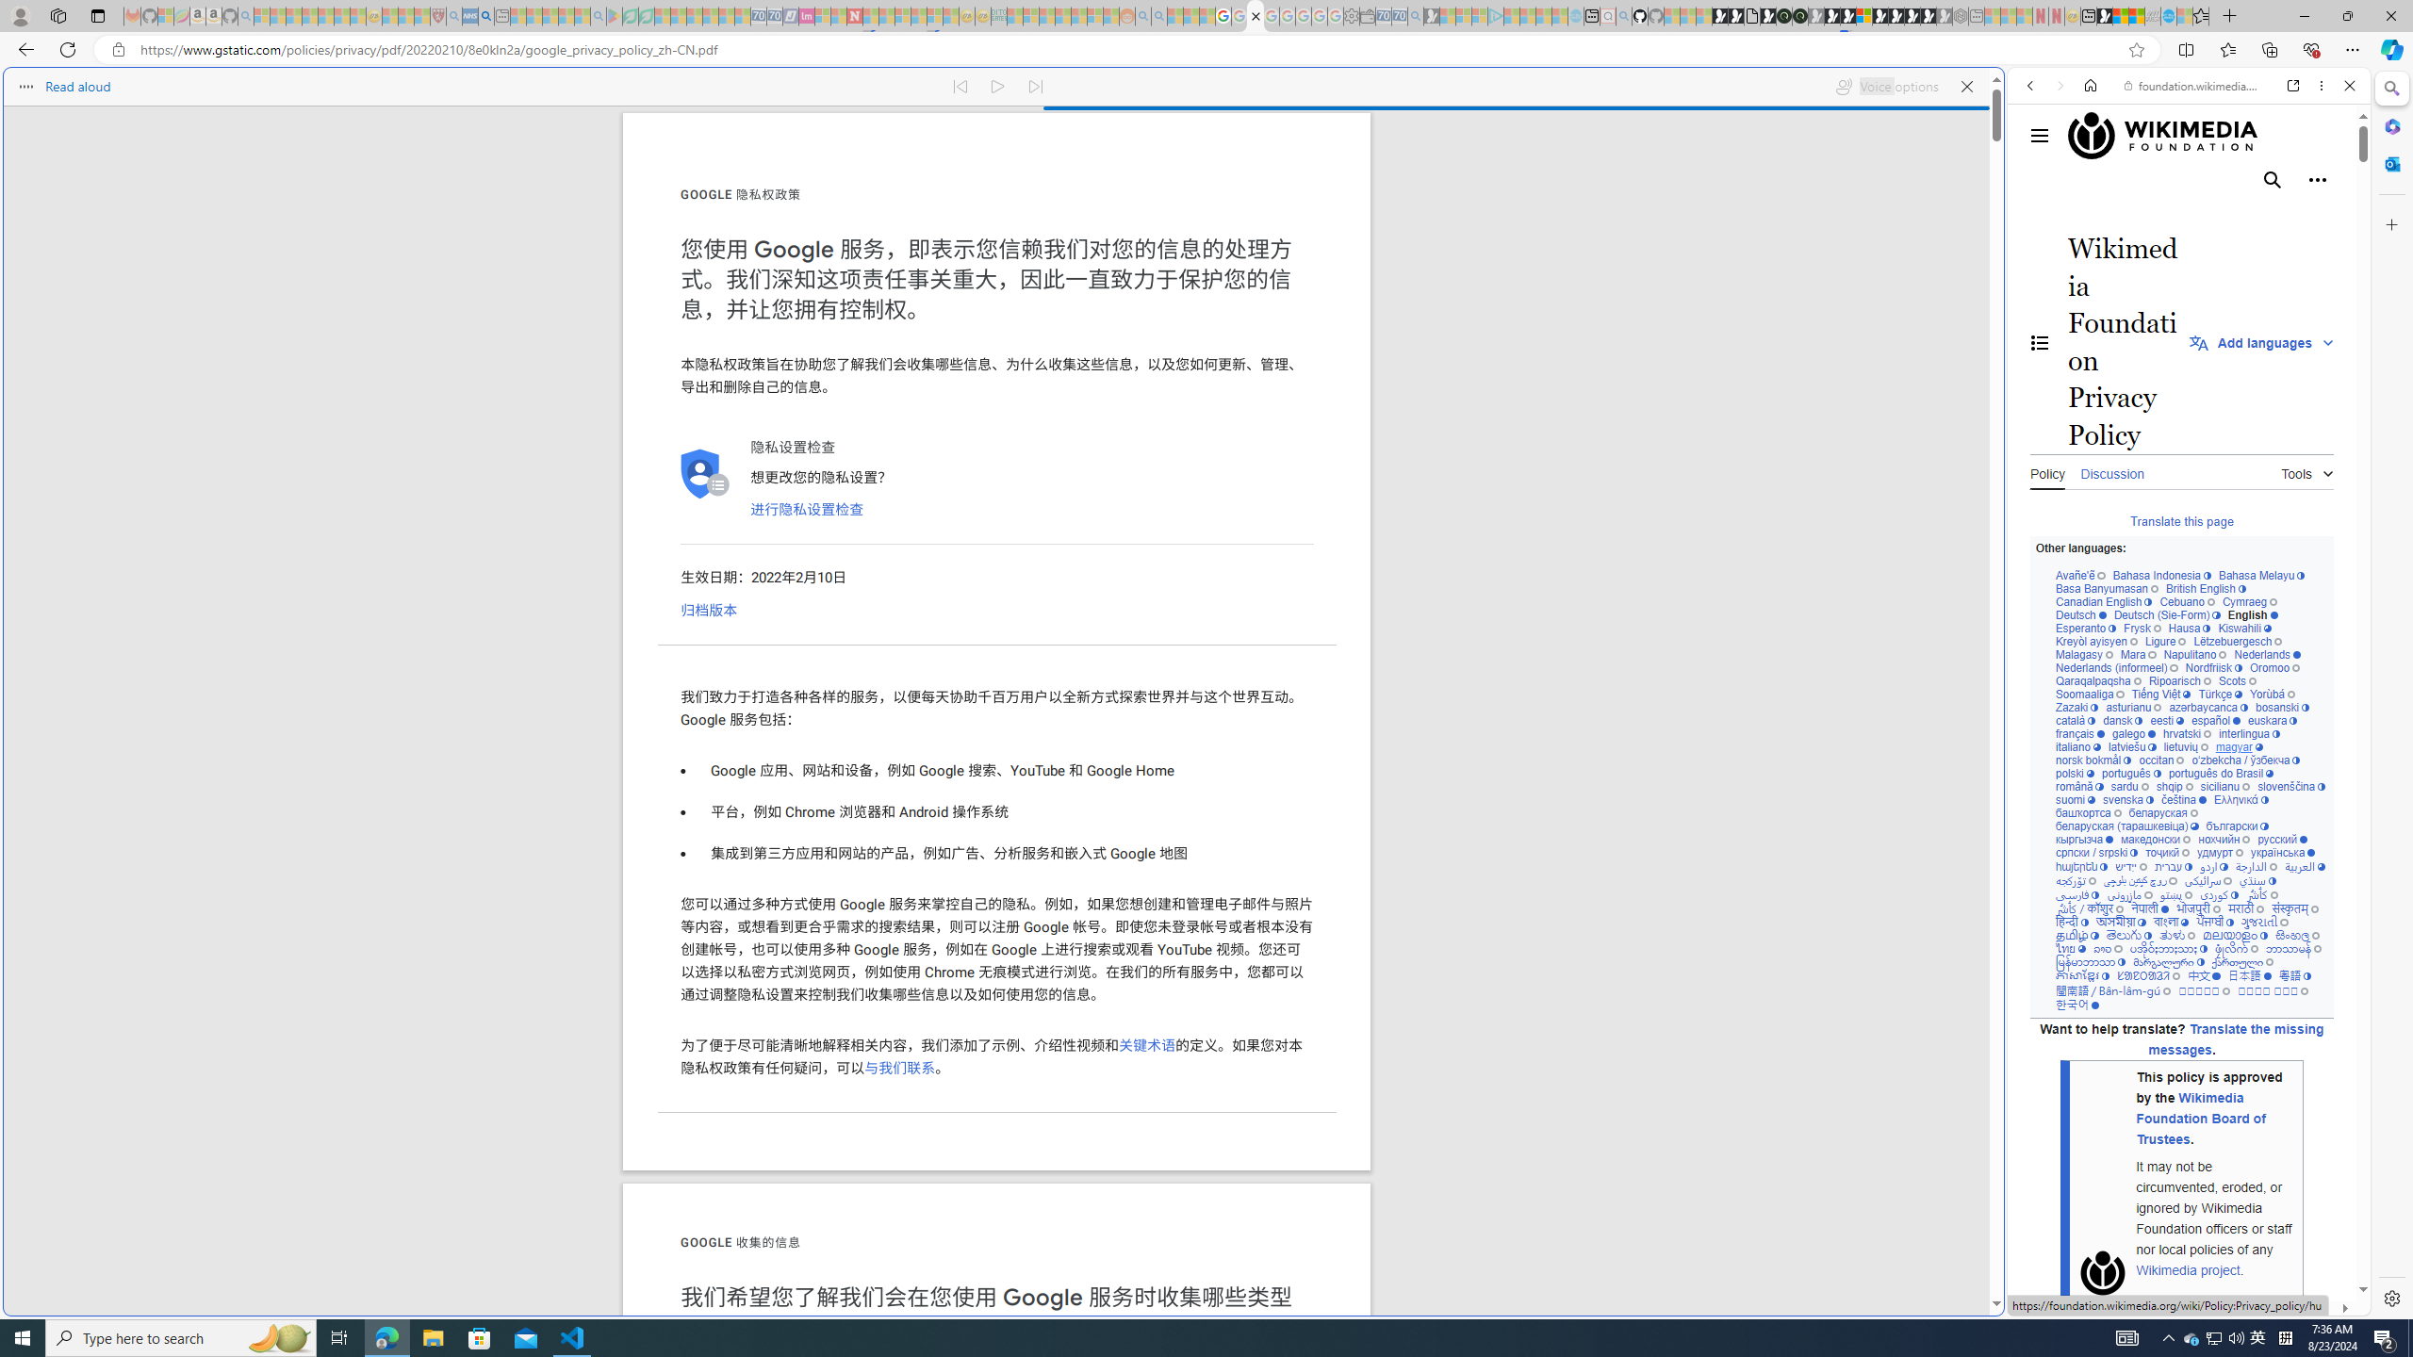 The height and width of the screenshot is (1357, 2413). What do you see at coordinates (2274, 667) in the screenshot?
I see `'Oromoo'` at bounding box center [2274, 667].